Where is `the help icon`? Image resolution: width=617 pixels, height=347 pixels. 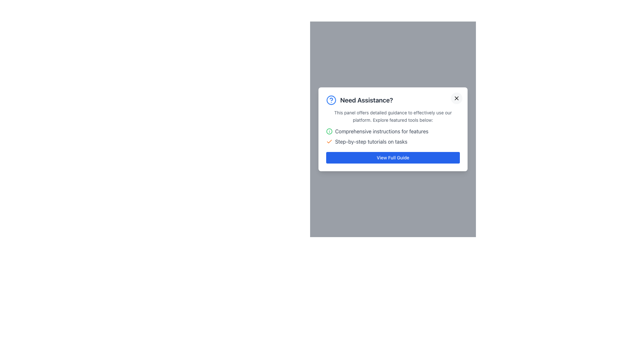 the help icon is located at coordinates (331, 100).